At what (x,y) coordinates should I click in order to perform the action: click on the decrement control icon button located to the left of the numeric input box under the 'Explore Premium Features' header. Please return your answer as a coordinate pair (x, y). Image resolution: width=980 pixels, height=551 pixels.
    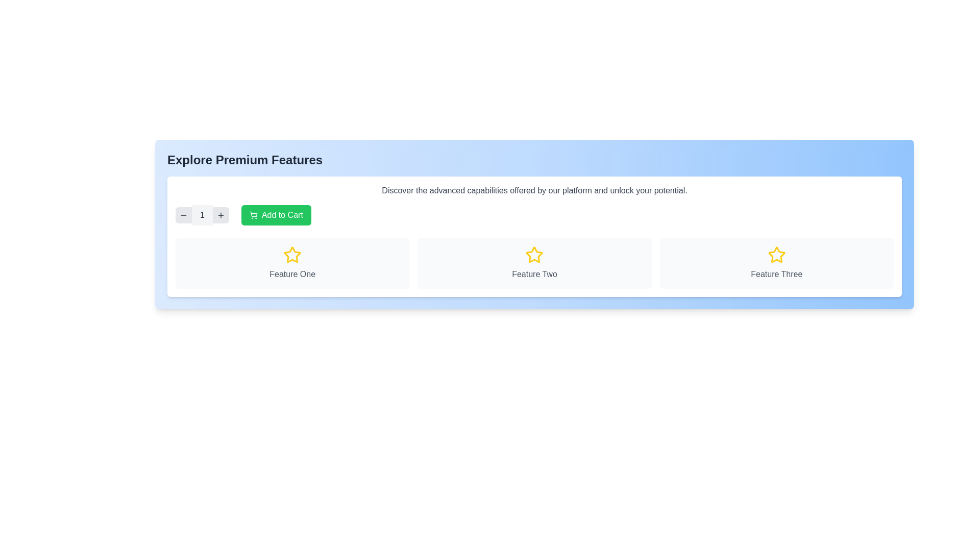
    Looking at the image, I should click on (184, 214).